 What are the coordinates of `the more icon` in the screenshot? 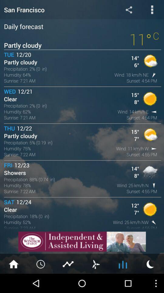 It's located at (152, 10).